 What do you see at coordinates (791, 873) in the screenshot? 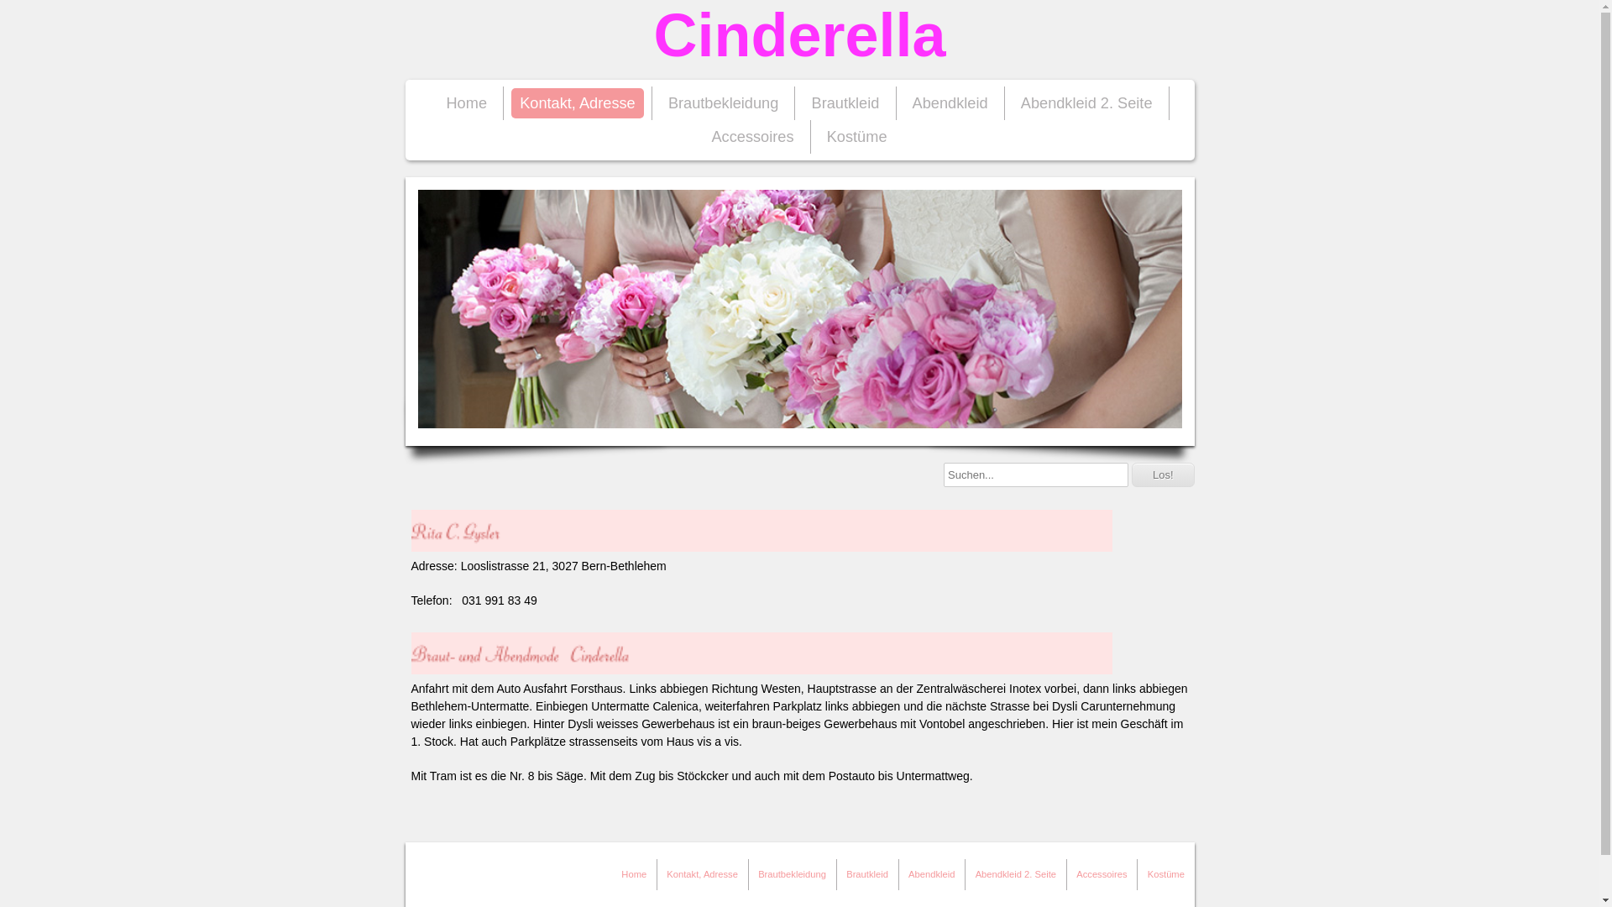
I see `'Brautbekleidung'` at bounding box center [791, 873].